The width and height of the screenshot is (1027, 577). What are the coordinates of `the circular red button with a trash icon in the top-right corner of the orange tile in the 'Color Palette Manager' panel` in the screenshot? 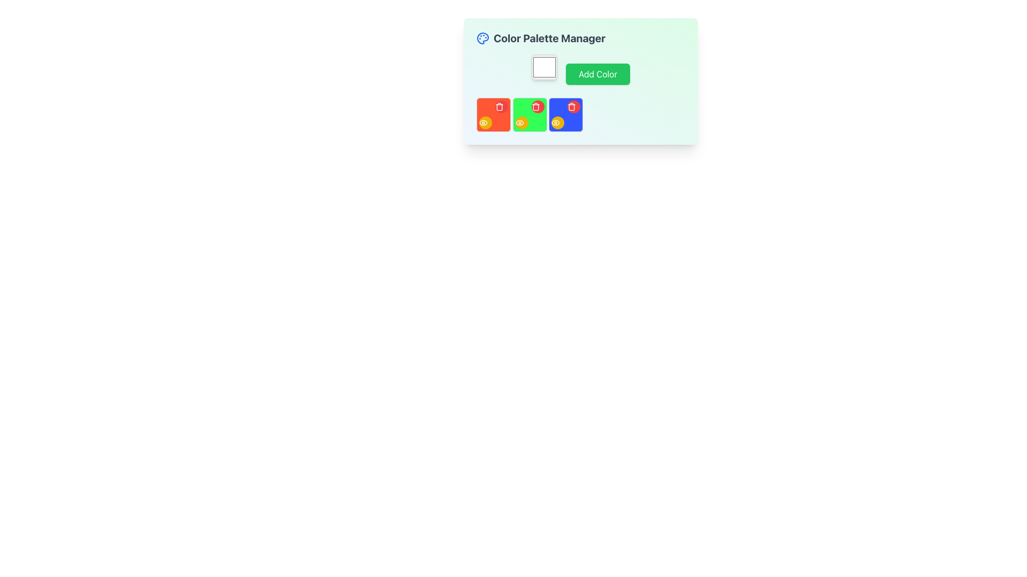 It's located at (501, 107).